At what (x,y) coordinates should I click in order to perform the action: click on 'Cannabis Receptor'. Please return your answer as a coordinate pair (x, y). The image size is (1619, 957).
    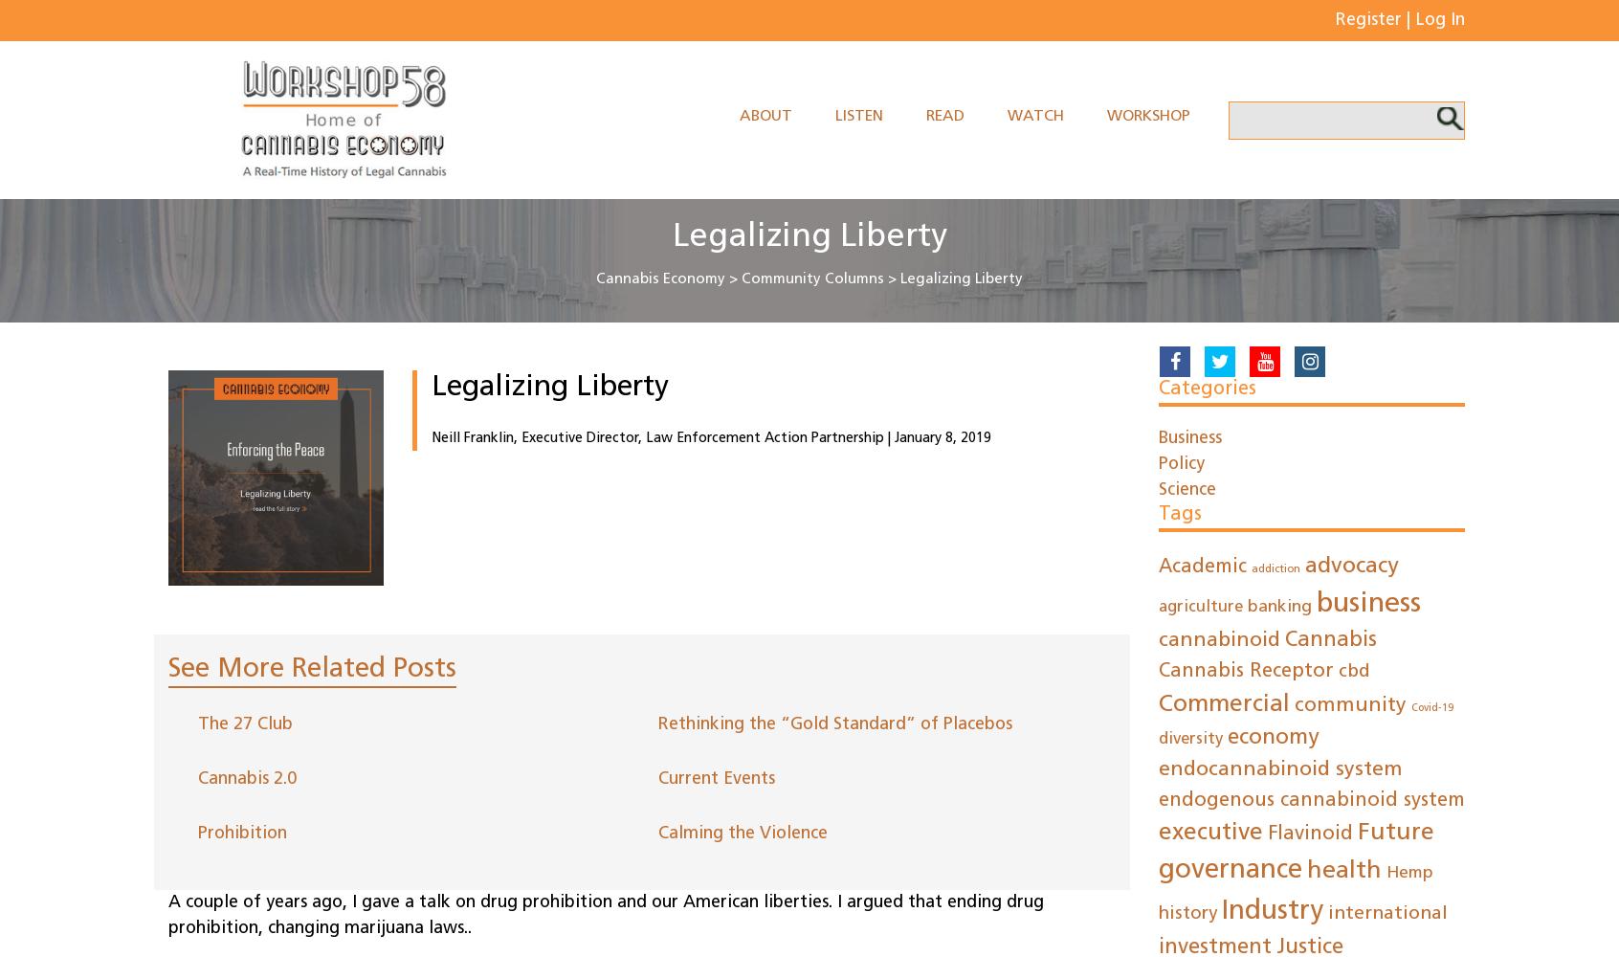
    Looking at the image, I should click on (1158, 671).